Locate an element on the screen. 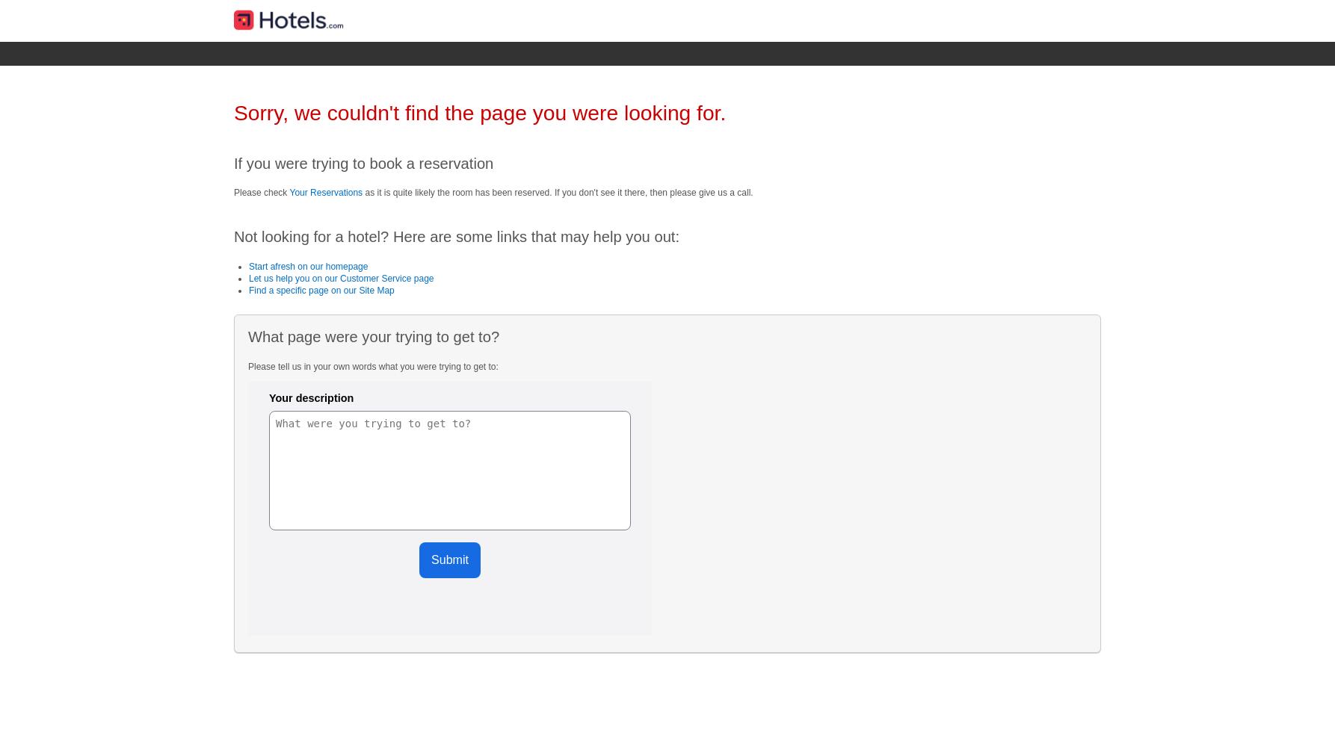 This screenshot has height=747, width=1335. 'Please check' is located at coordinates (262, 192).